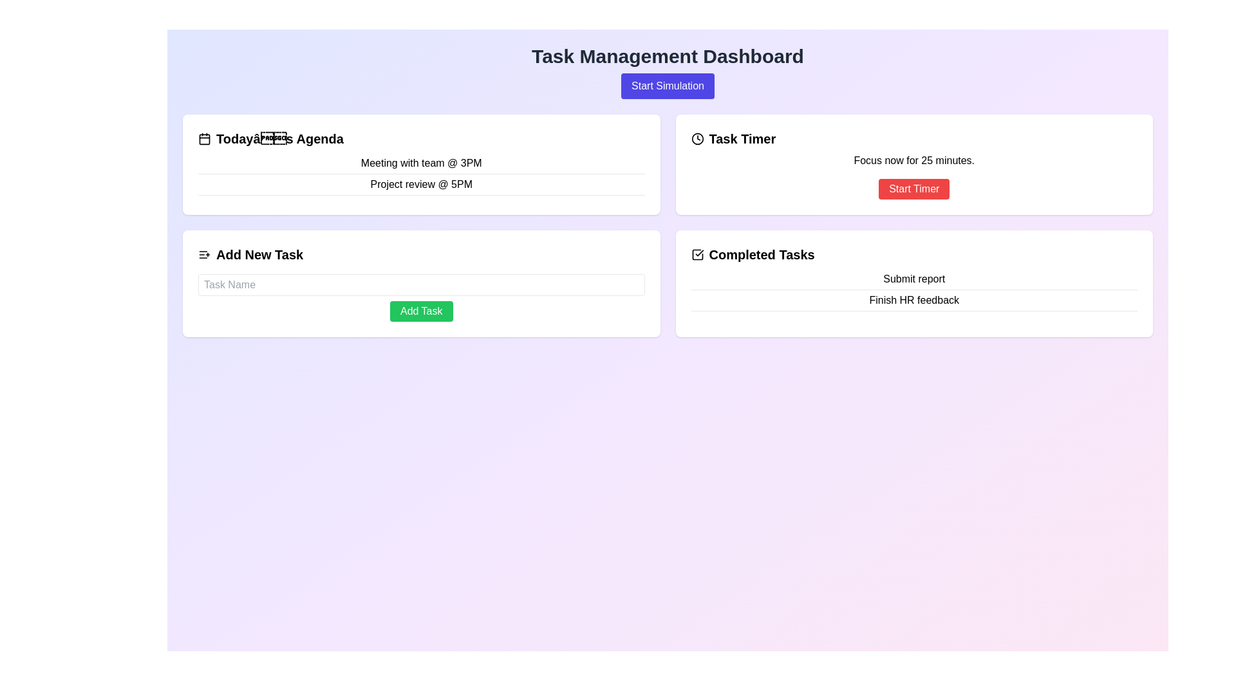 The height and width of the screenshot is (695, 1236). Describe the element at coordinates (913, 301) in the screenshot. I see `the second task in the 'Completed Tasks' section, which displays the title of a completed task, positioned below 'Submit report.'` at that location.